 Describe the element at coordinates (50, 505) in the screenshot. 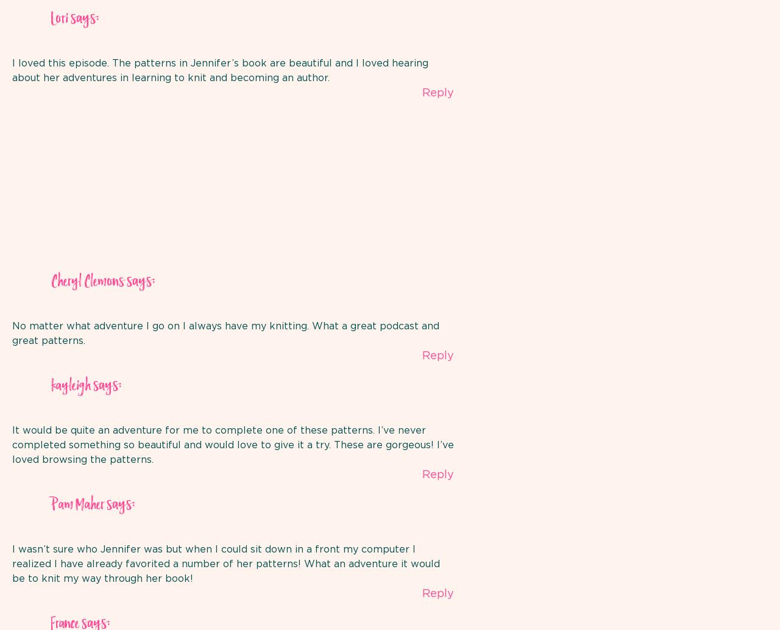

I see `'Pam Maher'` at that location.